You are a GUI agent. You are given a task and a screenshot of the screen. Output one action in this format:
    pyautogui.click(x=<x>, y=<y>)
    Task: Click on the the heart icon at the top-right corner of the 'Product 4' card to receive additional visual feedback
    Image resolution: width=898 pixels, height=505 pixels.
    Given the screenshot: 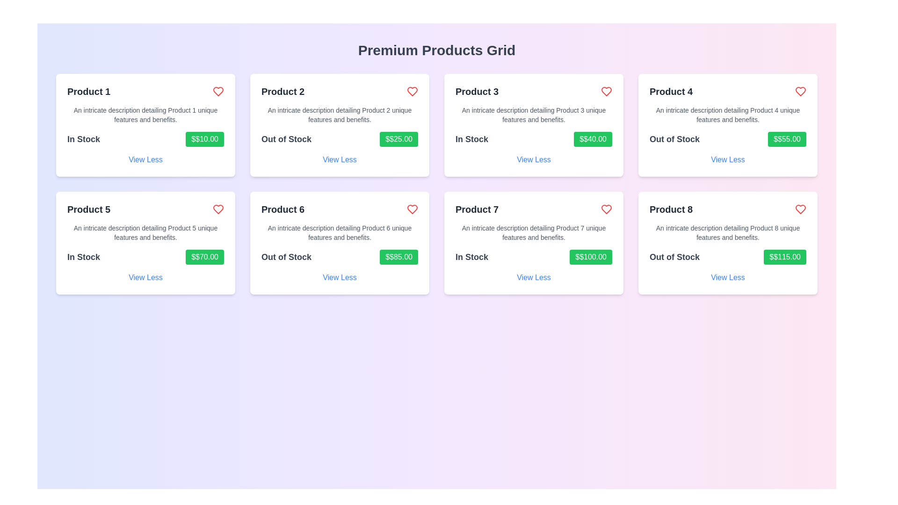 What is the action you would take?
    pyautogui.click(x=800, y=92)
    